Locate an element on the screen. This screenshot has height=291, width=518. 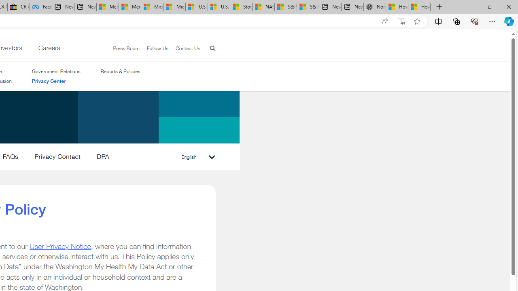
'Enter Immersive Reader (F9)' is located at coordinates (401, 21).